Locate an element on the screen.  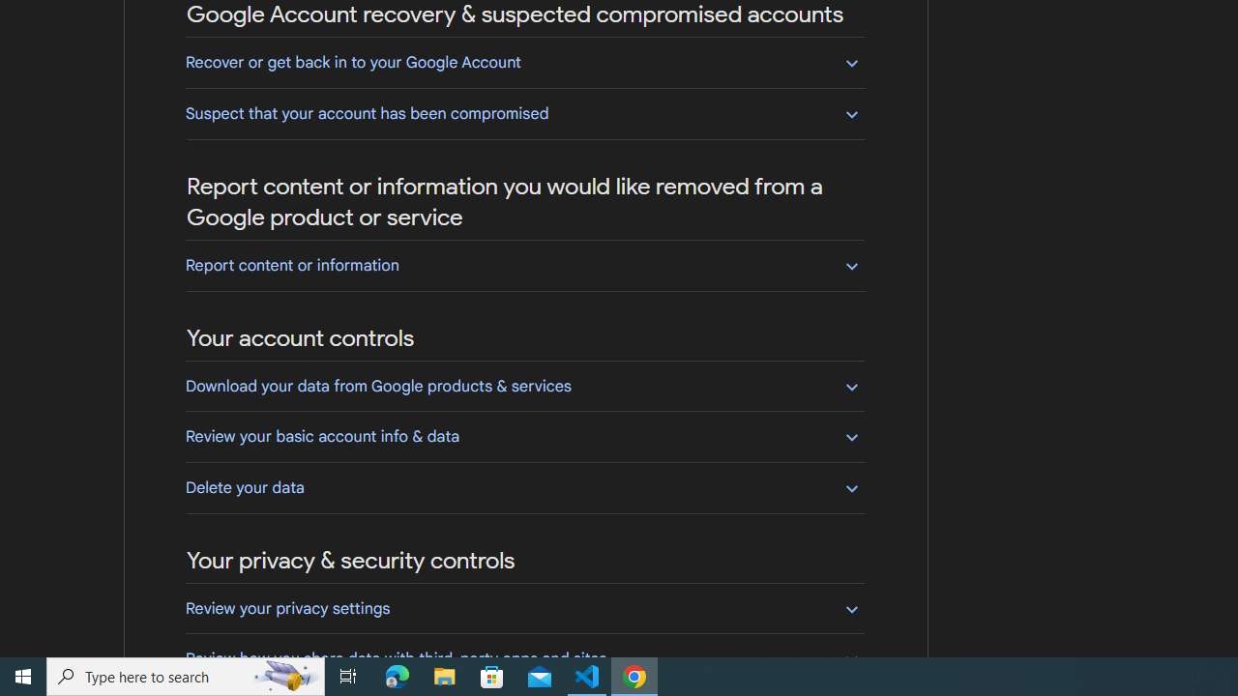
'Review how you share data with third-party apps and sites' is located at coordinates (524, 657).